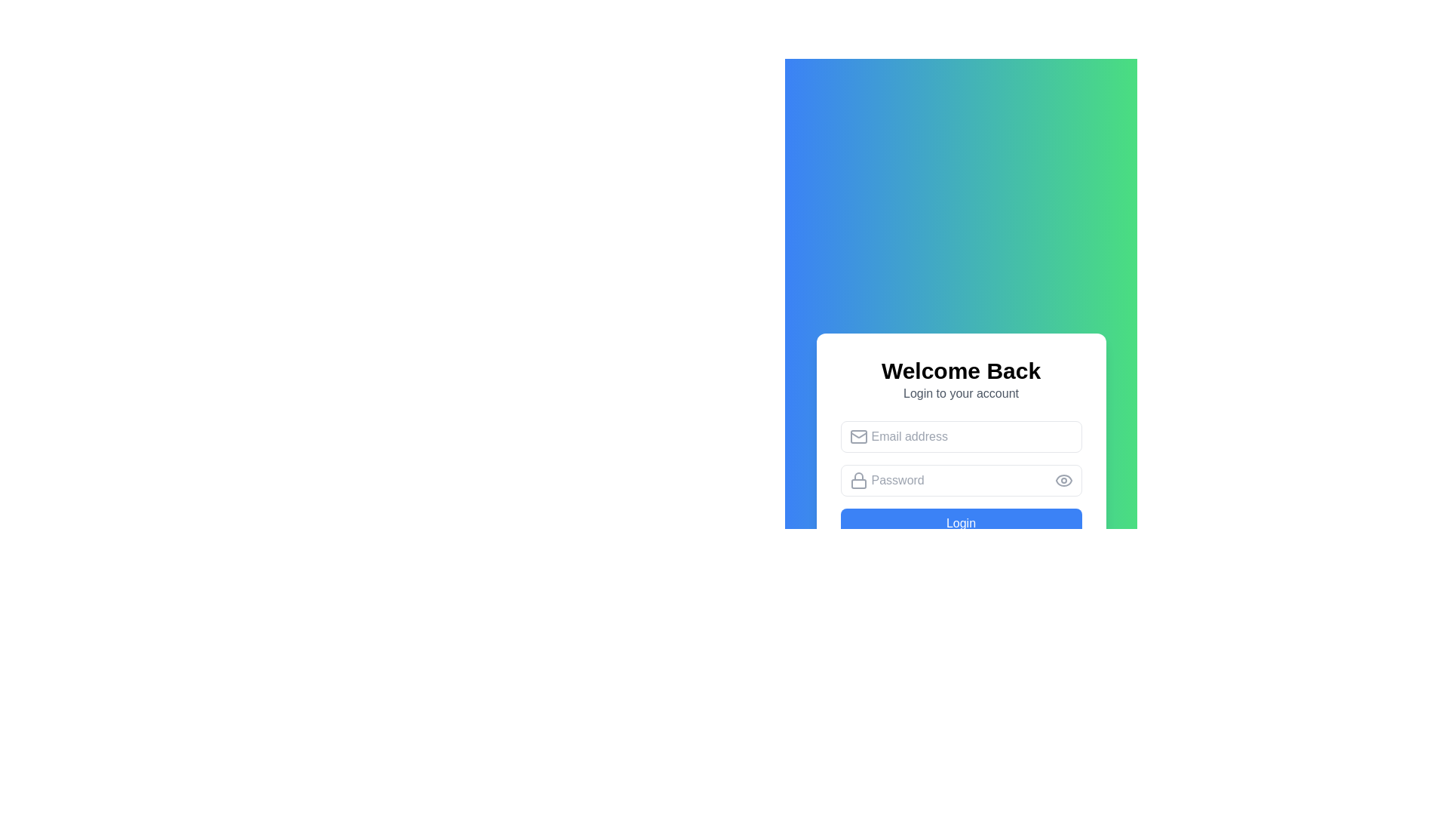  I want to click on the Password Input Field located below the Email Address input in the 'Welcome Back' login section to focus the field, so click(960, 480).